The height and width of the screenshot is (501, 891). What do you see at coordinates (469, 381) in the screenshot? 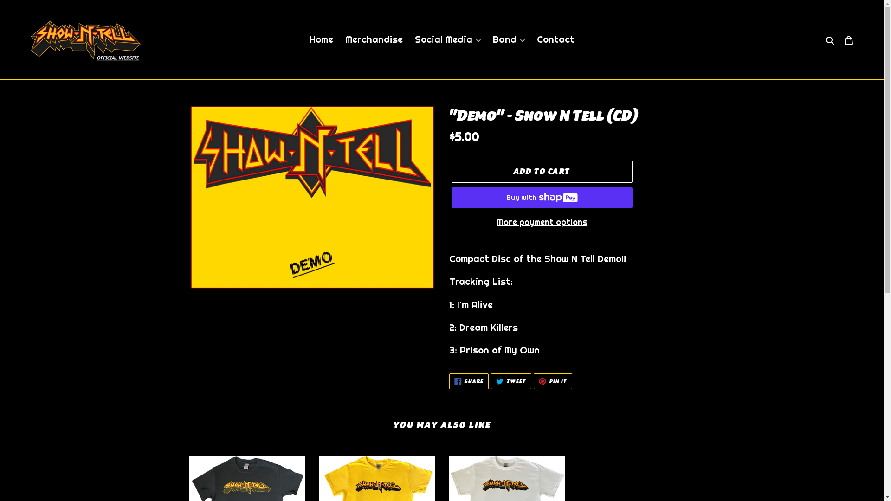
I see `'SHARE` at bounding box center [469, 381].